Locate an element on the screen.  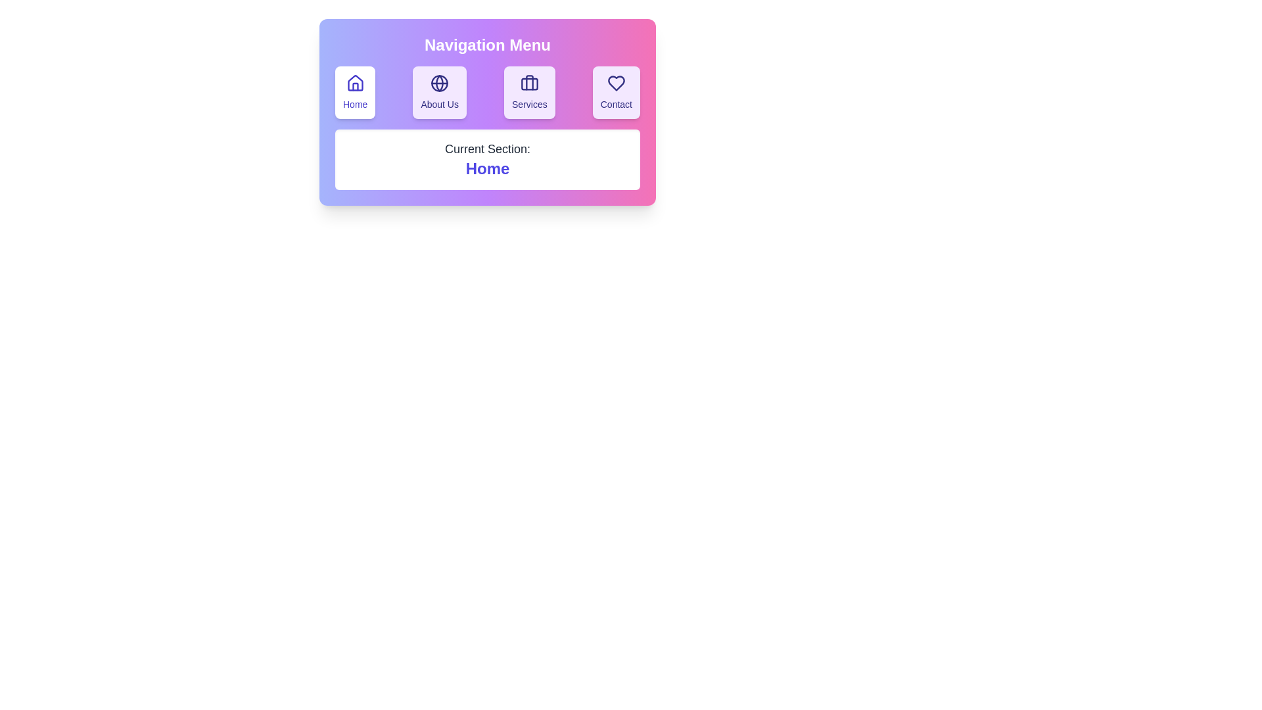
the Services section by clicking the corresponding navigation button is located at coordinates (529, 92).